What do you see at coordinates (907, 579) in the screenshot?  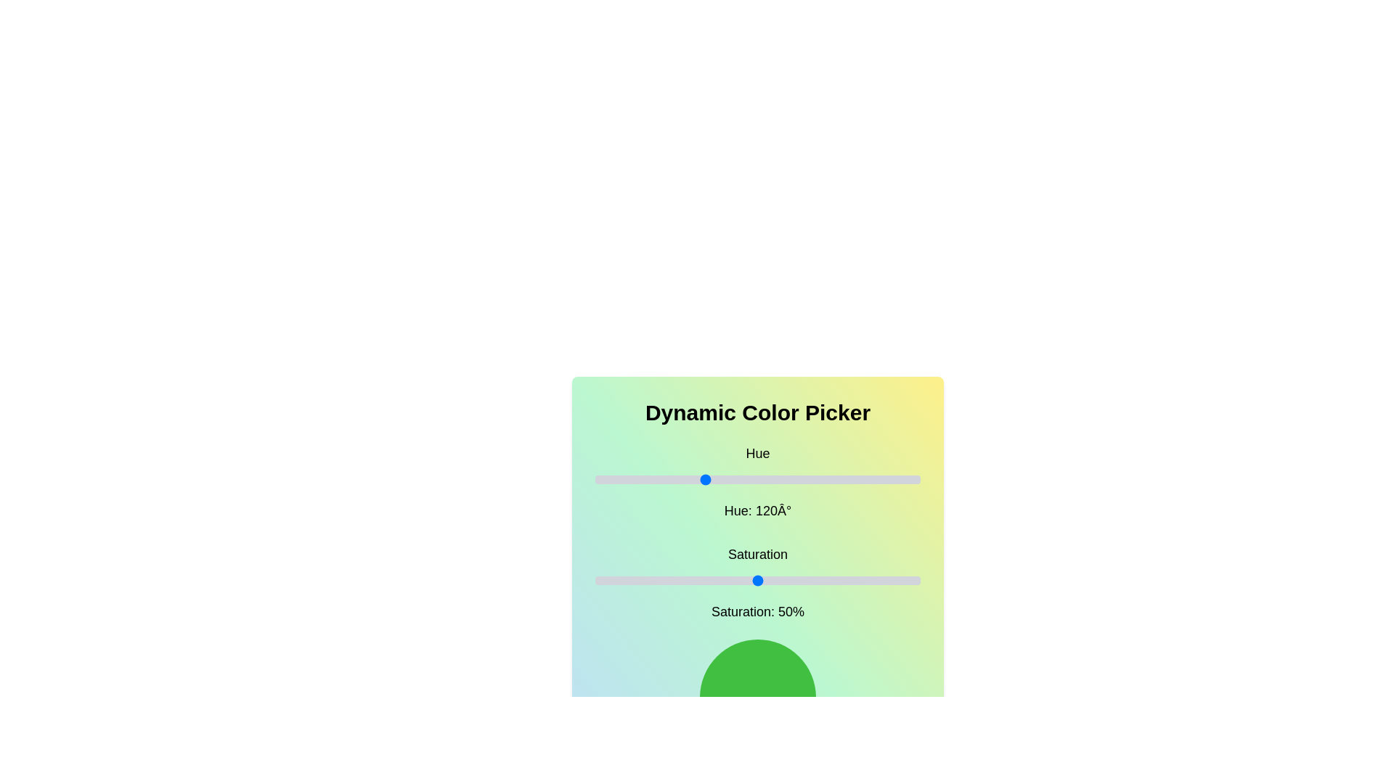 I see `the saturation slider to set the saturation to 96%` at bounding box center [907, 579].